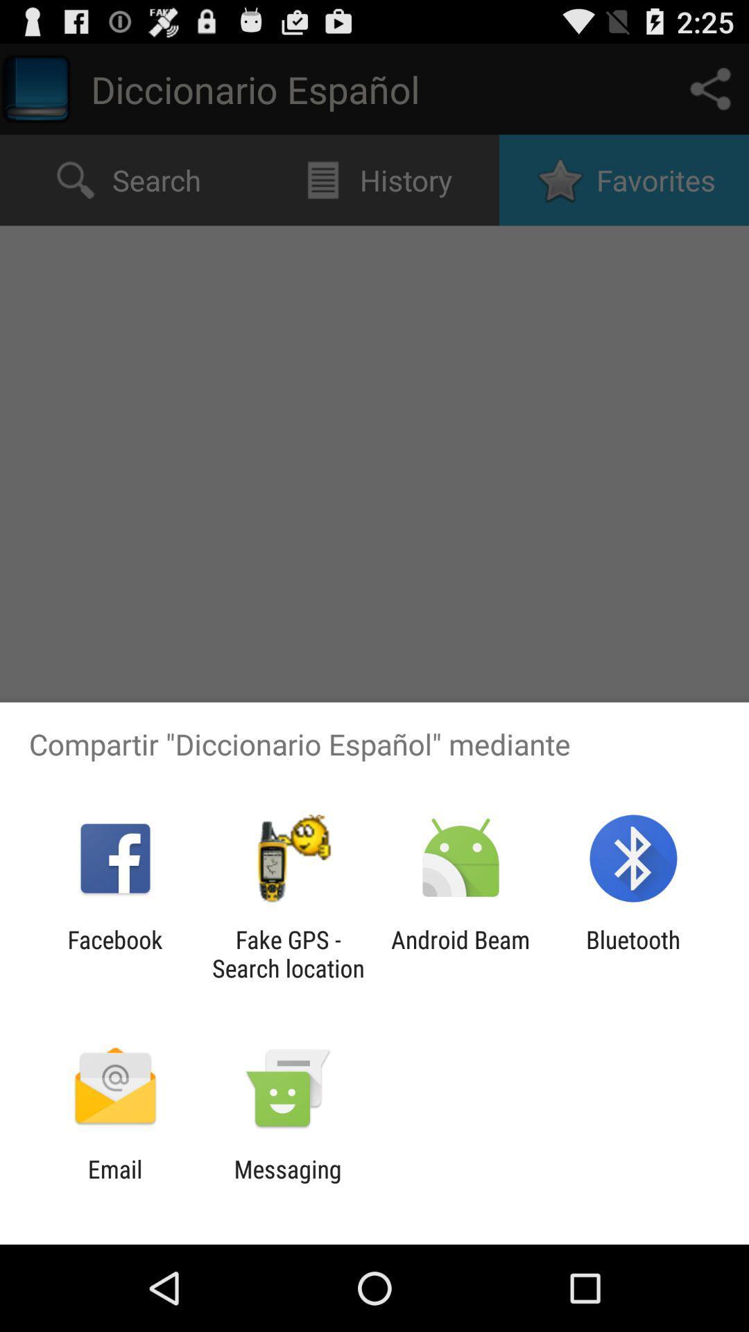 This screenshot has width=749, height=1332. Describe the element at coordinates (460, 953) in the screenshot. I see `the icon to the left of the bluetooth` at that location.